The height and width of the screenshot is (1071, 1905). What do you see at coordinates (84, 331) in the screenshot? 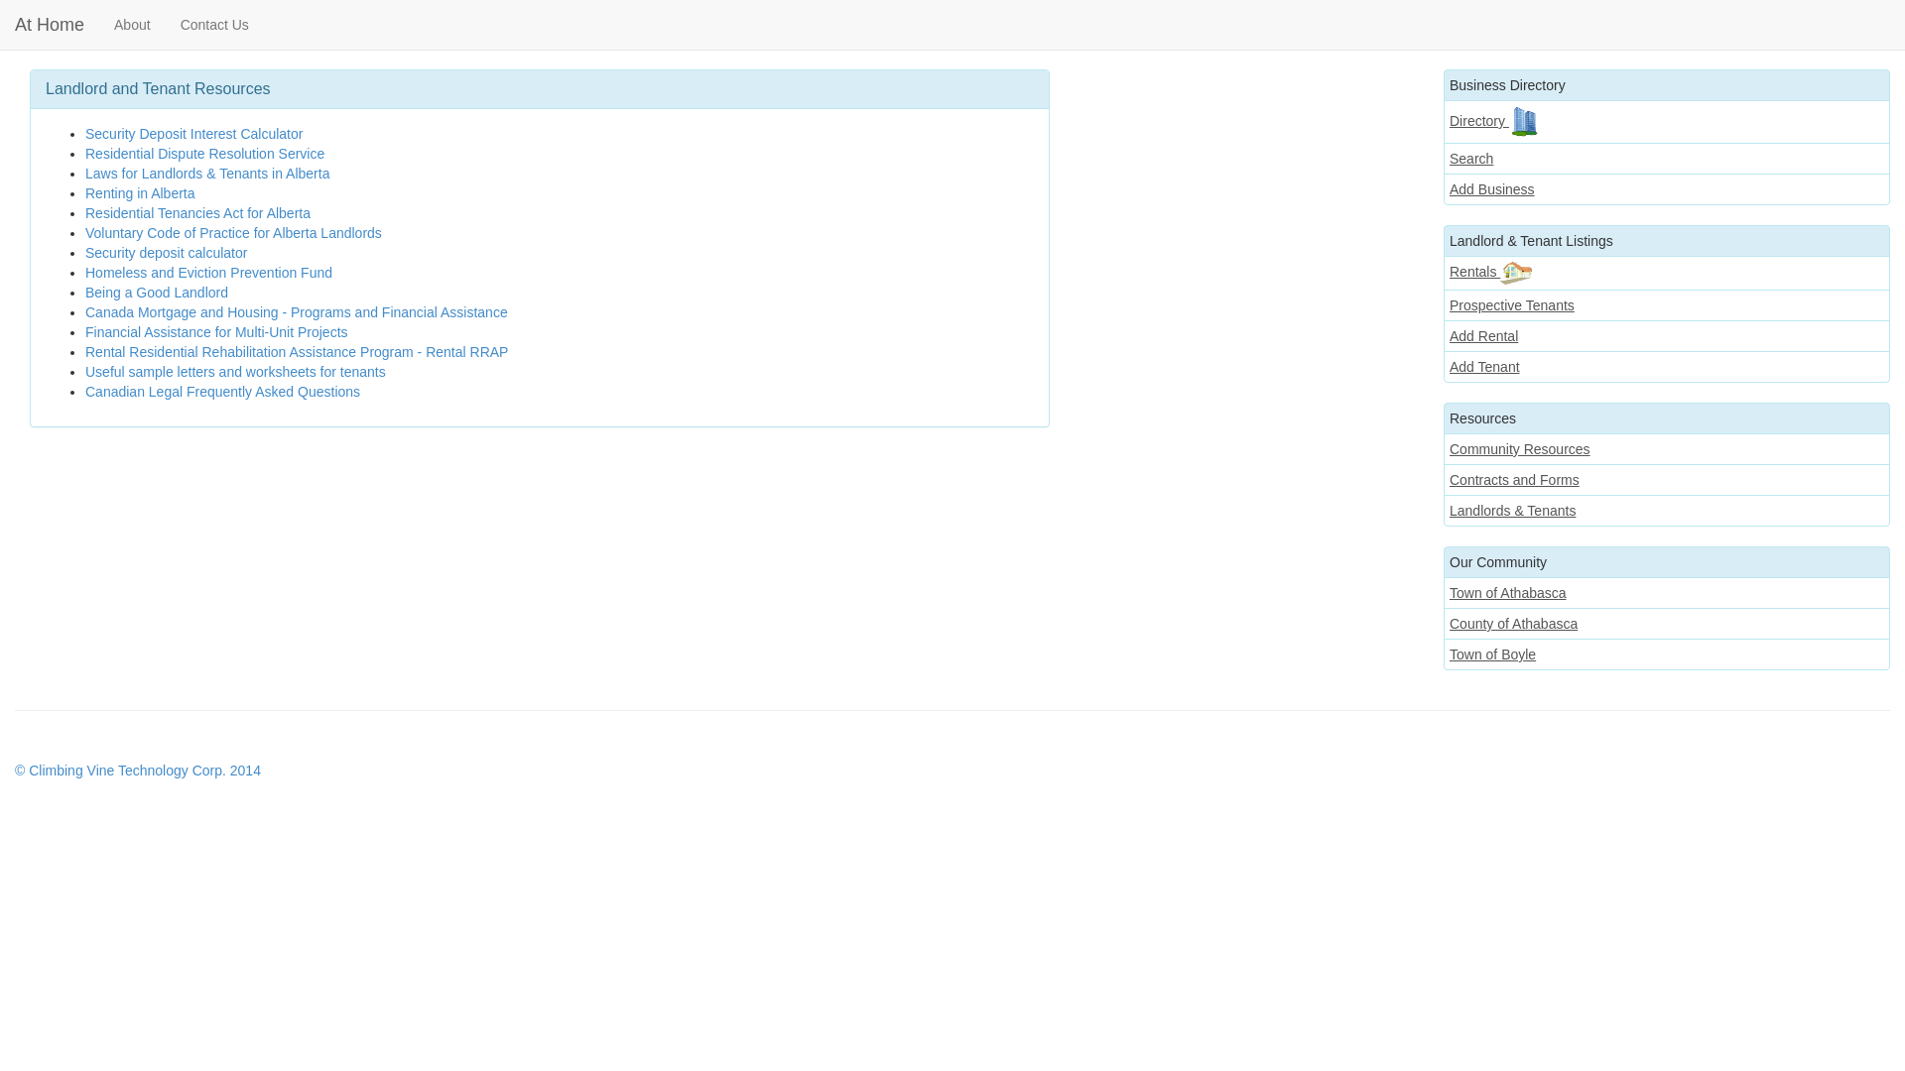
I see `'Financial Assistance for Multi-Unit Projects'` at bounding box center [84, 331].